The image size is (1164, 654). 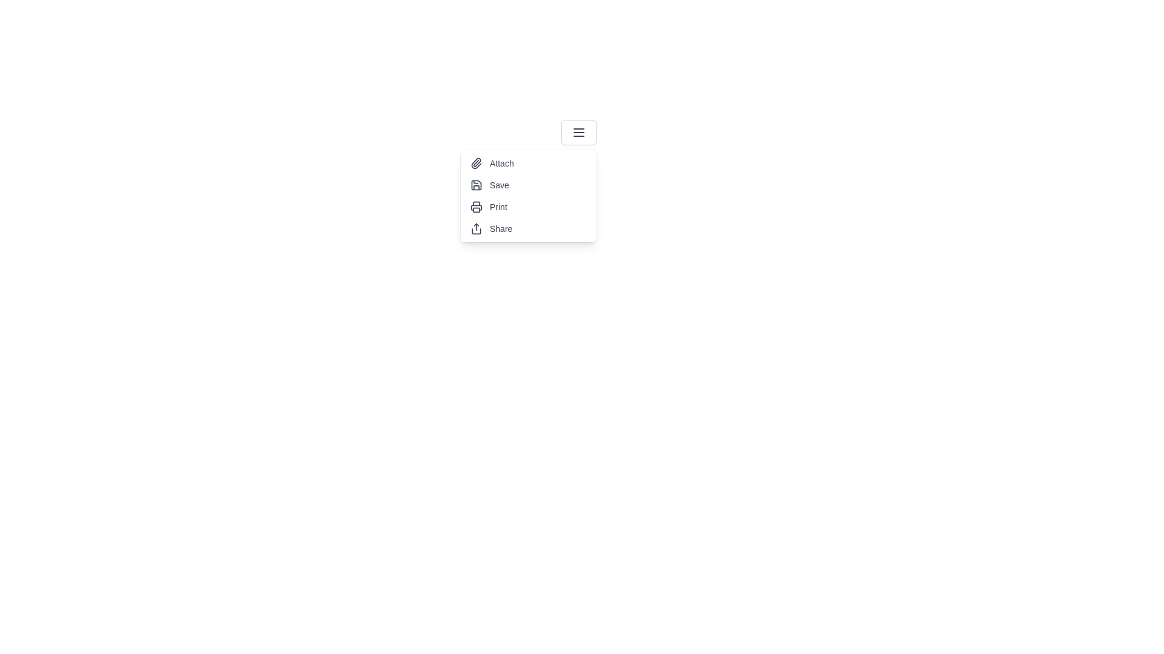 What do you see at coordinates (529, 196) in the screenshot?
I see `the dropdown menu option` at bounding box center [529, 196].